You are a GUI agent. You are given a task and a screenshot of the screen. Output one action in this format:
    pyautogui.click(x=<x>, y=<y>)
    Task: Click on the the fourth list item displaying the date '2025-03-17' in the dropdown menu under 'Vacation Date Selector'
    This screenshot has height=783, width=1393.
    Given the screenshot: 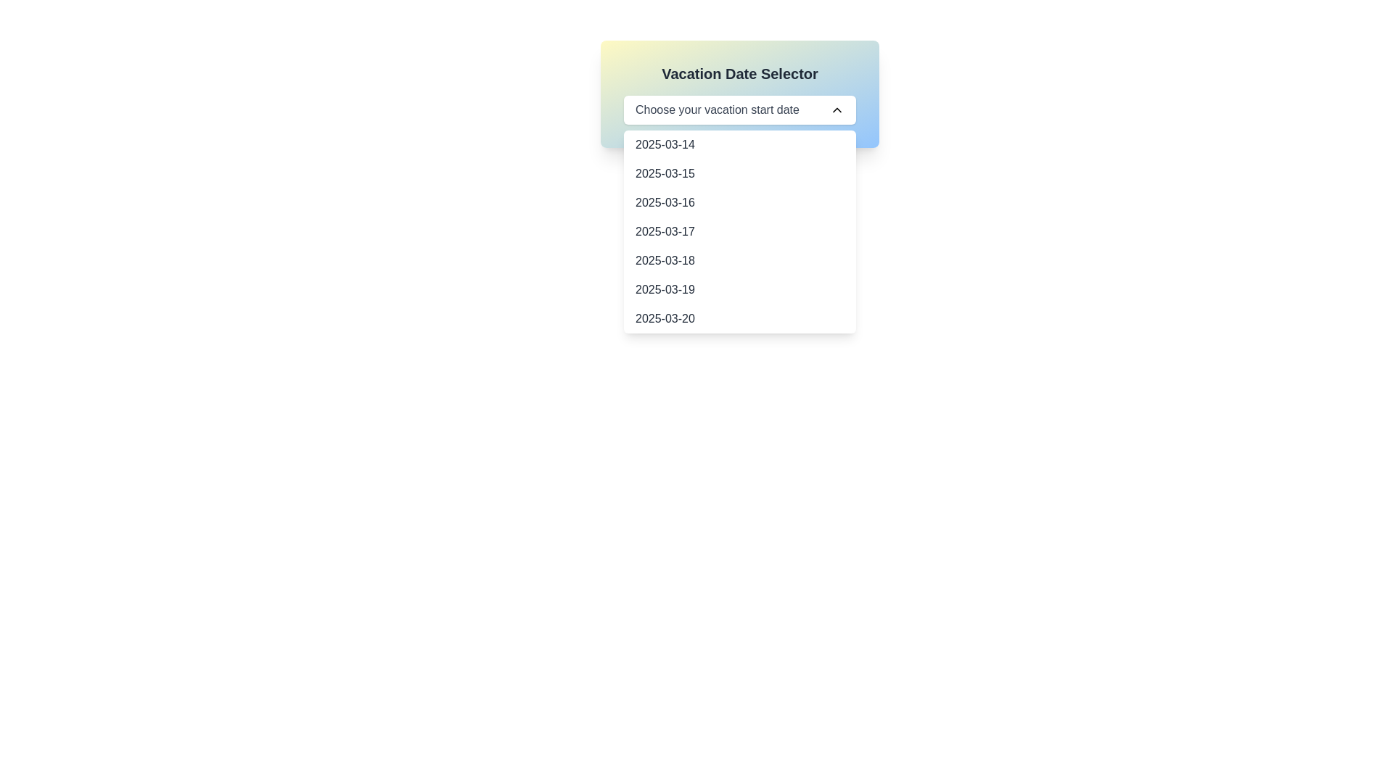 What is the action you would take?
    pyautogui.click(x=739, y=231)
    